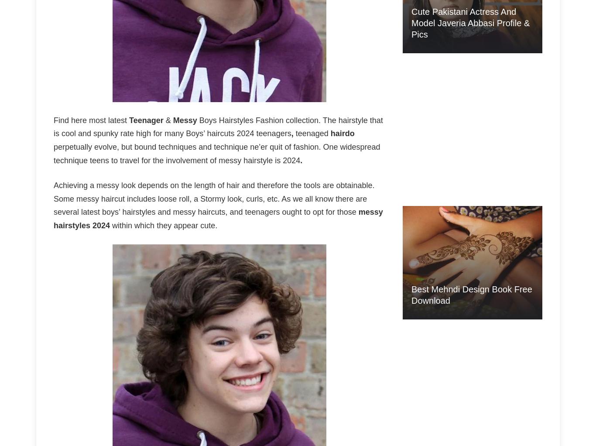 This screenshot has height=446, width=596. What do you see at coordinates (210, 205) in the screenshot?
I see `'includes loose roll, a Stormy look, curls, etc. As we all know there are several latest boys’ hairstyles and messy haircuts, and teenagers ought to opt for those'` at bounding box center [210, 205].